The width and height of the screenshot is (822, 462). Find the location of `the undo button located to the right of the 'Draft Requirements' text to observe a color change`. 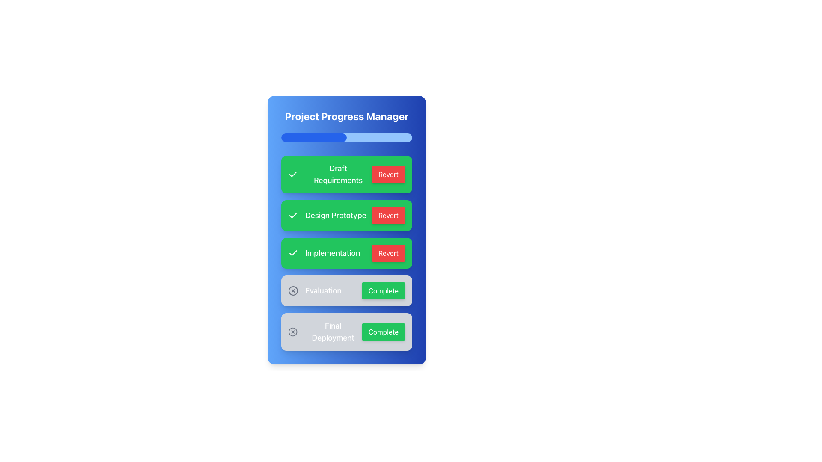

the undo button located to the right of the 'Draft Requirements' text to observe a color change is located at coordinates (388, 174).